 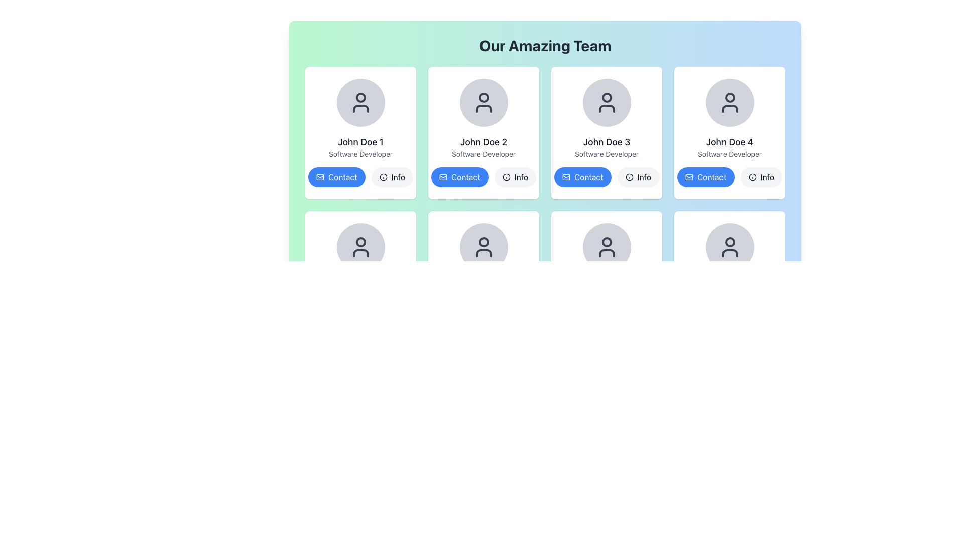 What do you see at coordinates (606, 102) in the screenshot?
I see `the user profile icon, which is a stylized representation of a person in dark gray within a light gray circle, located` at bounding box center [606, 102].